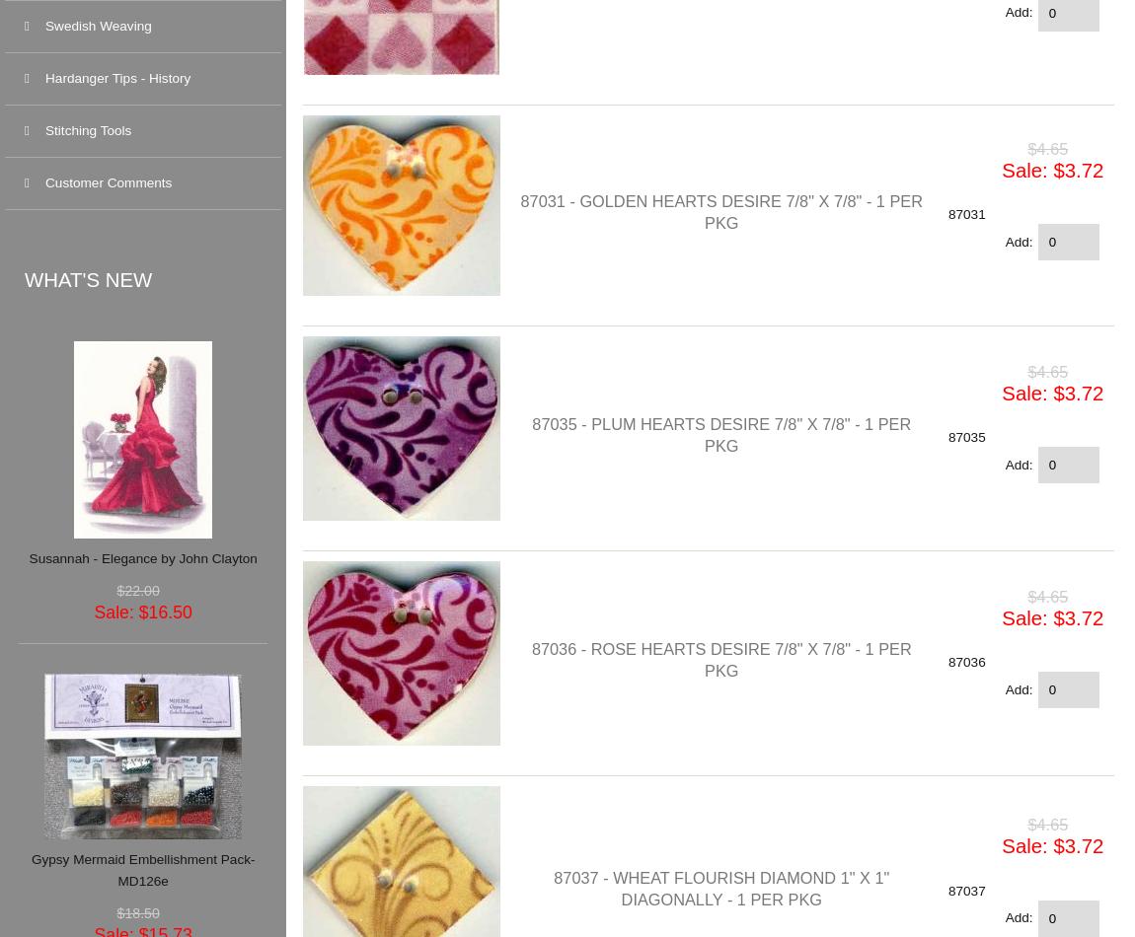 The width and height of the screenshot is (1135, 937). I want to click on 'Stitching Tools', so click(87, 130).